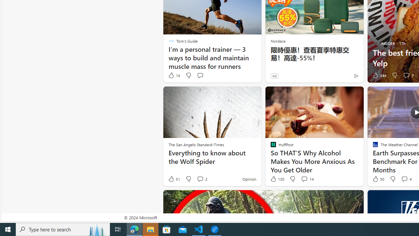  Describe the element at coordinates (378, 179) in the screenshot. I see `'50 Like'` at that location.